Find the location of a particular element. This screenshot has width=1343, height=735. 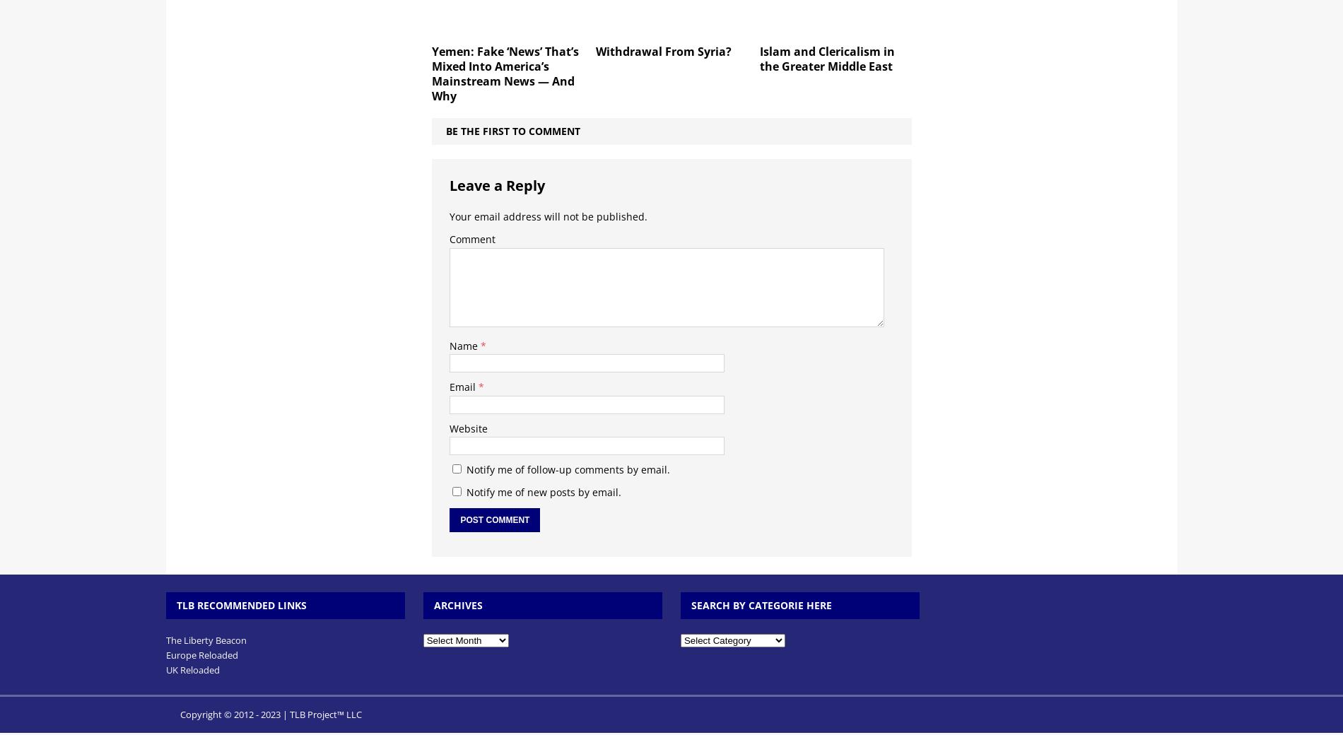

'Leave a Reply' is located at coordinates (497, 184).